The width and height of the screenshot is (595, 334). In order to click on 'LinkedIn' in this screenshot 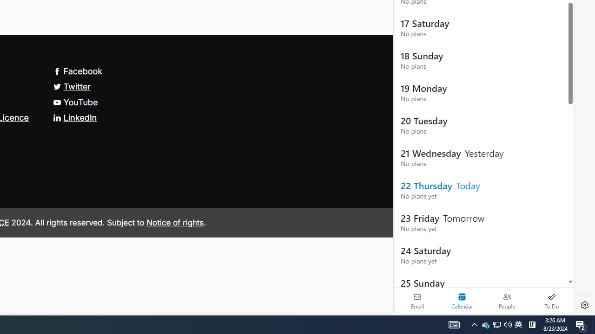, I will do `click(75, 117)`.